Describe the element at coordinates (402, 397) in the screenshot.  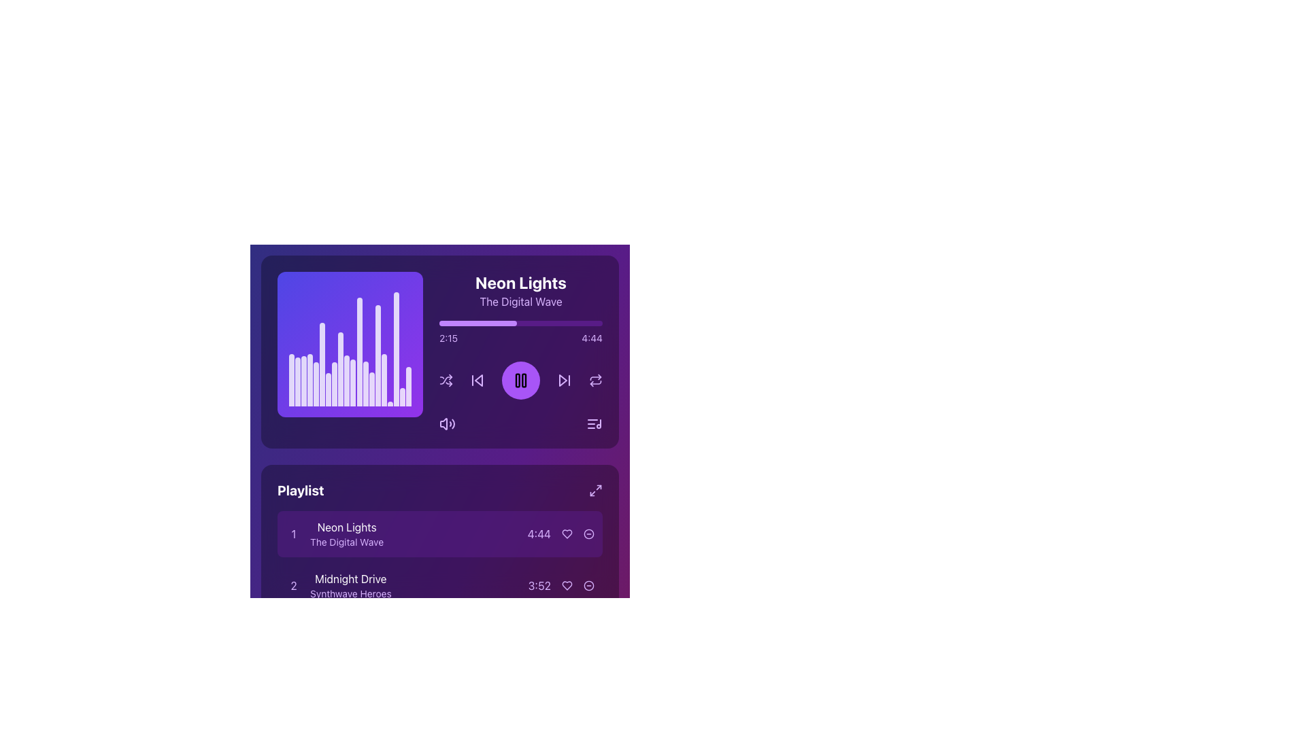
I see `the visual behavior of the last vertical bar in the audio visualization graph segment, which represents the audio signal's intensity` at that location.